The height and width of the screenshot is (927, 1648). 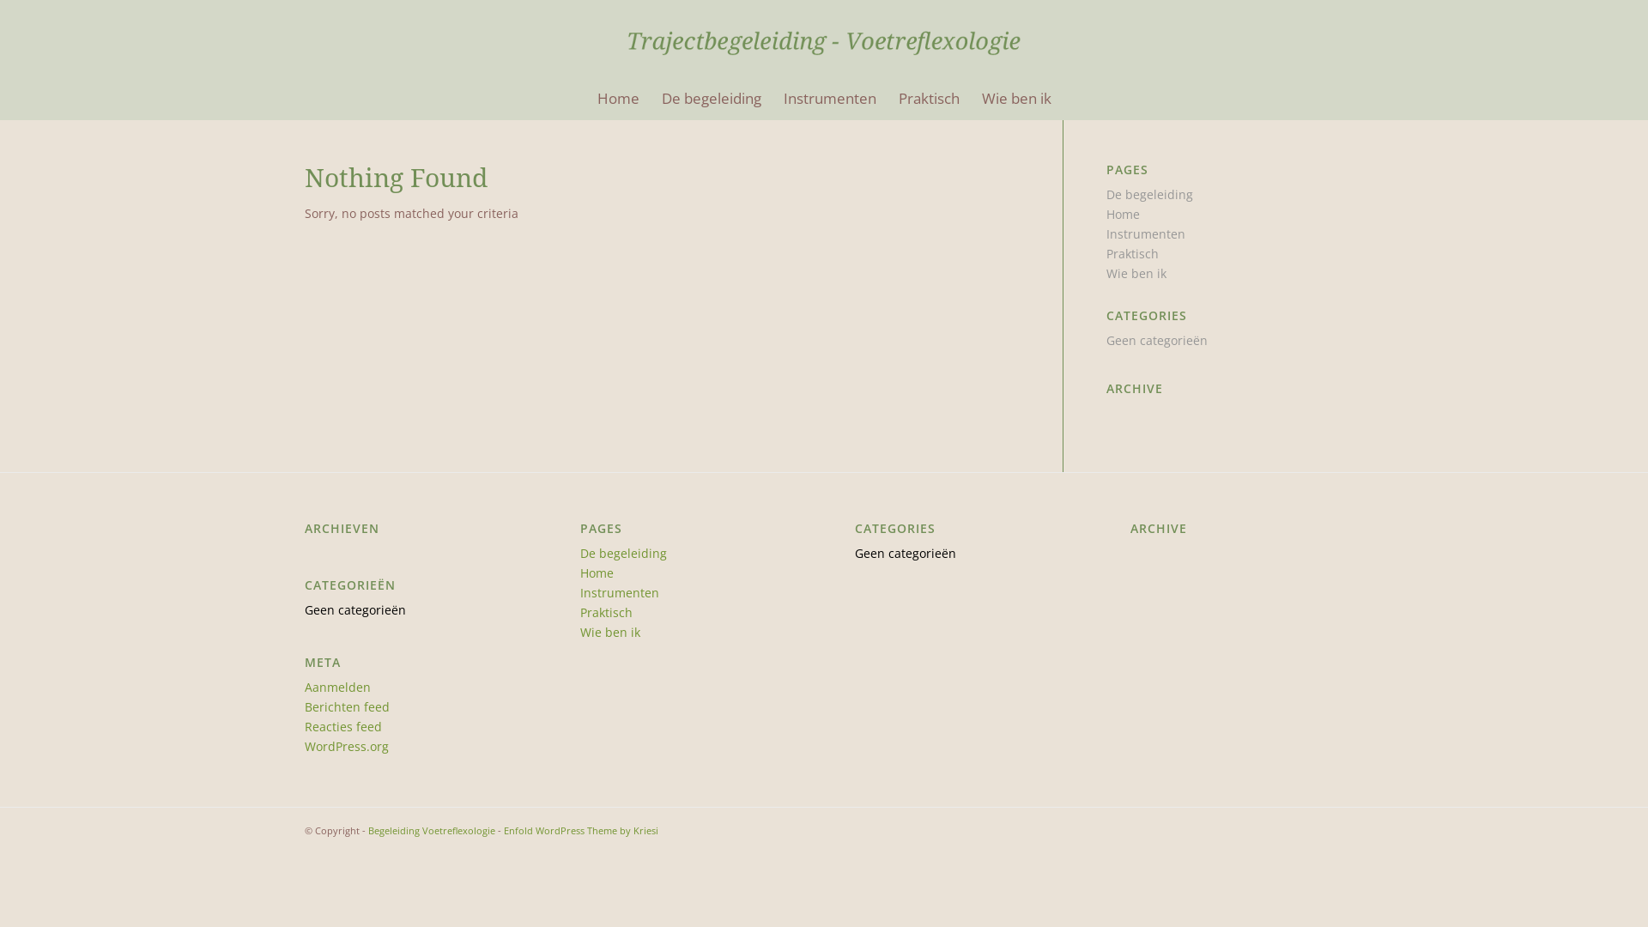 What do you see at coordinates (618, 591) in the screenshot?
I see `'Instrumenten'` at bounding box center [618, 591].